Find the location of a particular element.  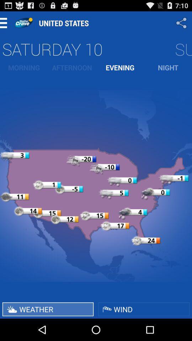

share this page is located at coordinates (182, 23).